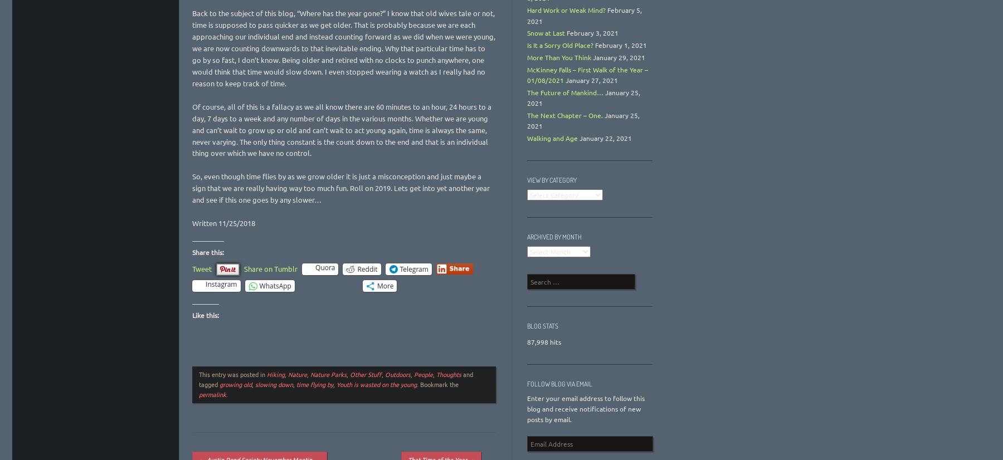  I want to click on 'and tagged', so click(336, 379).